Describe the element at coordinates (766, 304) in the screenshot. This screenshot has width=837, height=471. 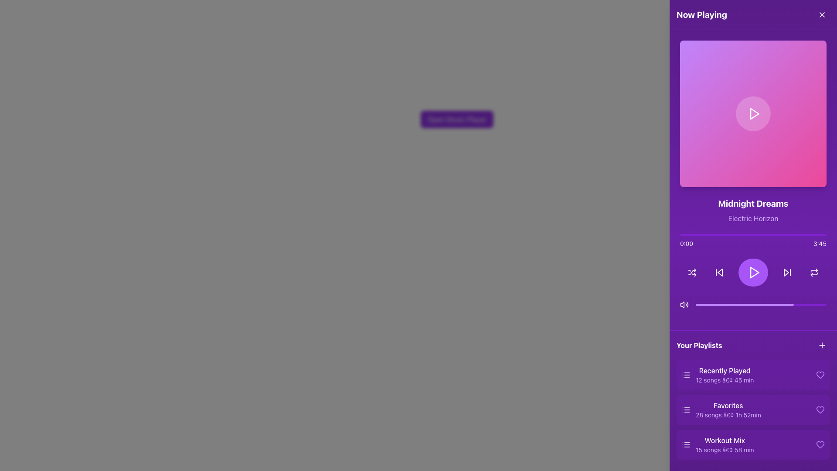
I see `media playback progress` at that location.